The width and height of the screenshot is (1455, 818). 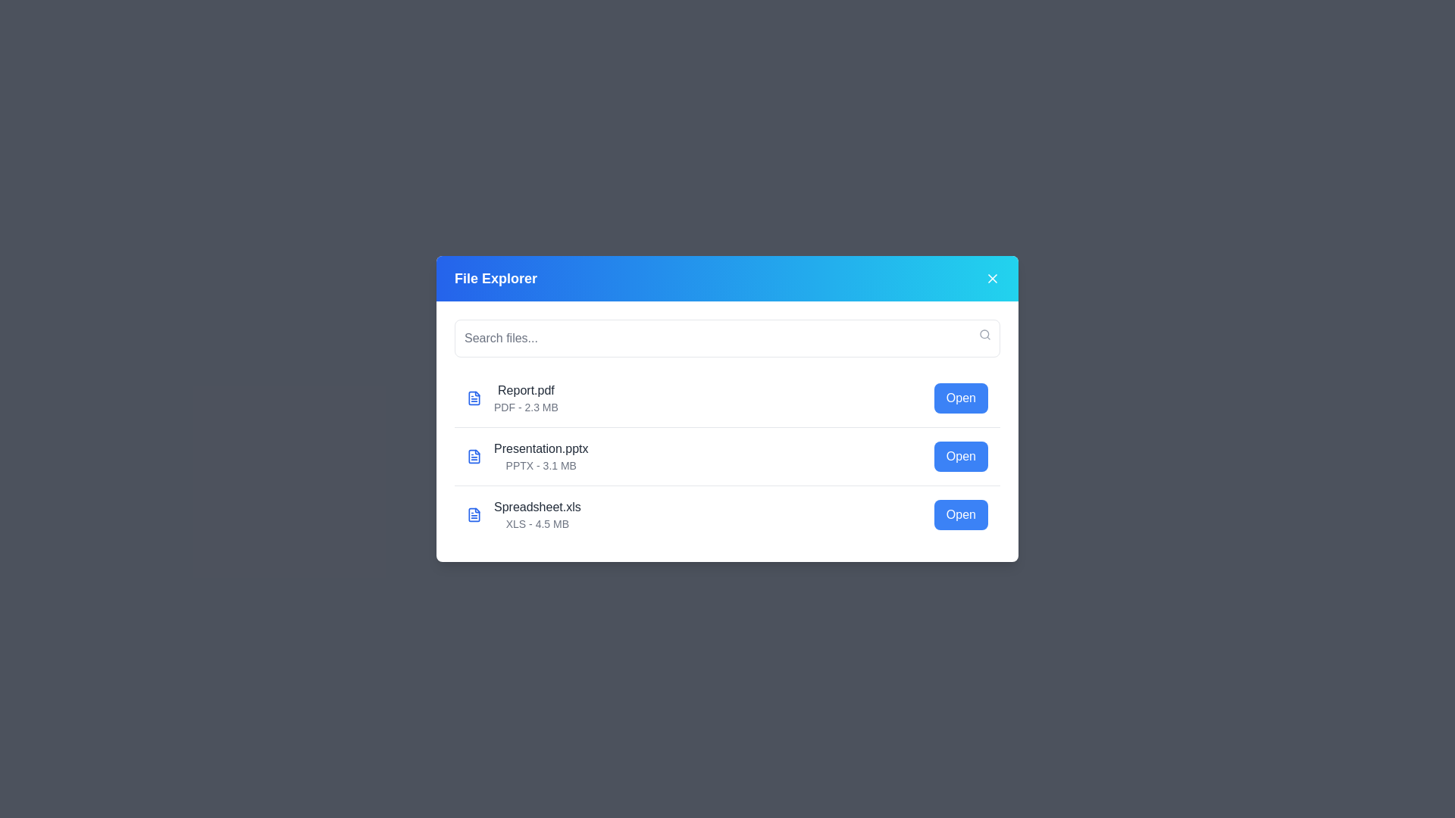 I want to click on the 'X' button to close the File Explorer dialog, so click(x=993, y=278).